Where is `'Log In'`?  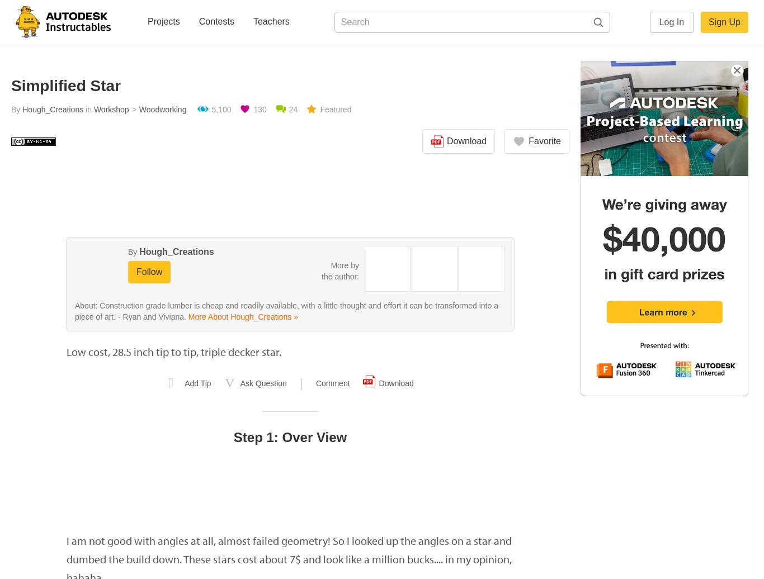
'Log In' is located at coordinates (671, 22).